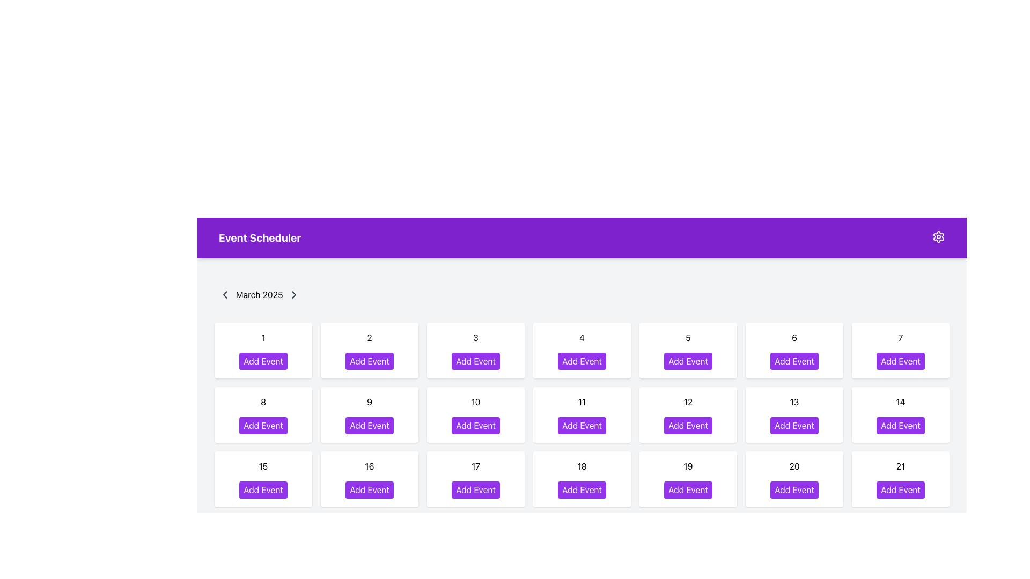  Describe the element at coordinates (688, 425) in the screenshot. I see `the 'Add Event' button located in the calendar grid for March 2025, positioned on the 12th day` at that location.